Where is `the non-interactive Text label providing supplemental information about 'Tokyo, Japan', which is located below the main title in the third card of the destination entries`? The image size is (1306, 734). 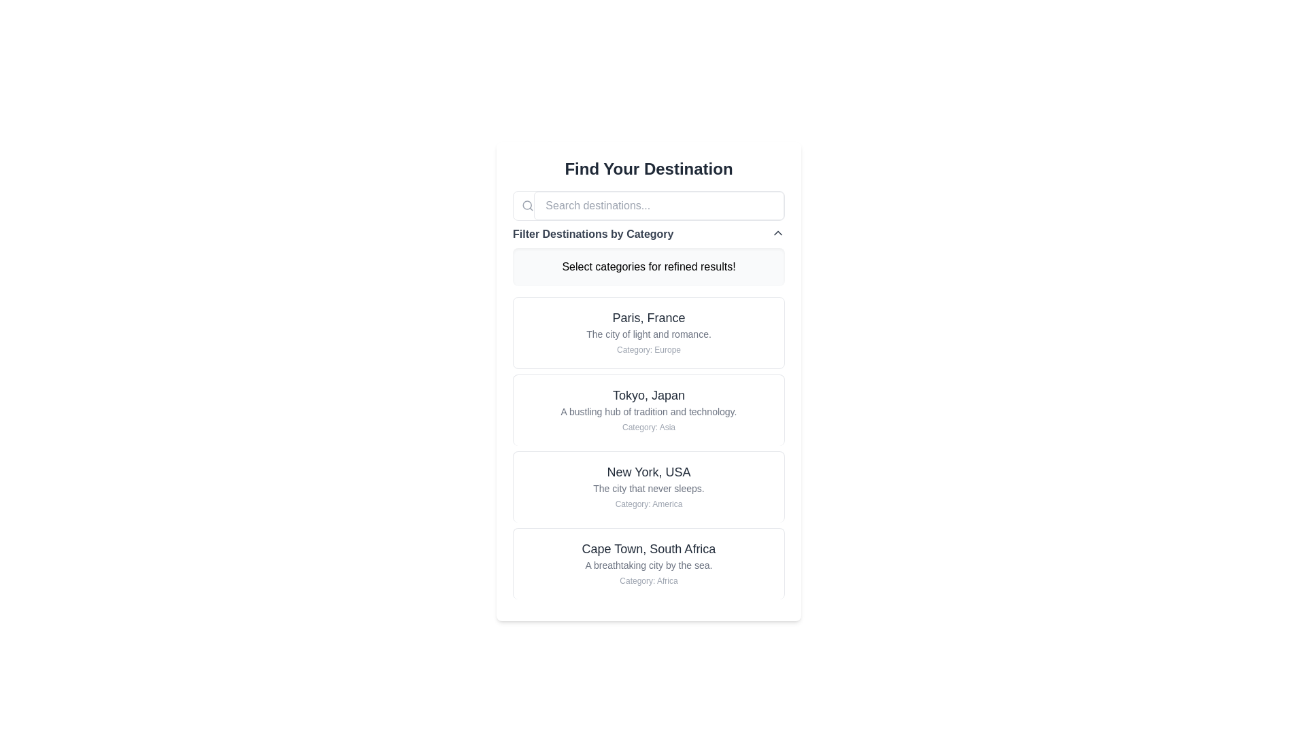 the non-interactive Text label providing supplemental information about 'Tokyo, Japan', which is located below the main title in the third card of the destination entries is located at coordinates (648, 410).